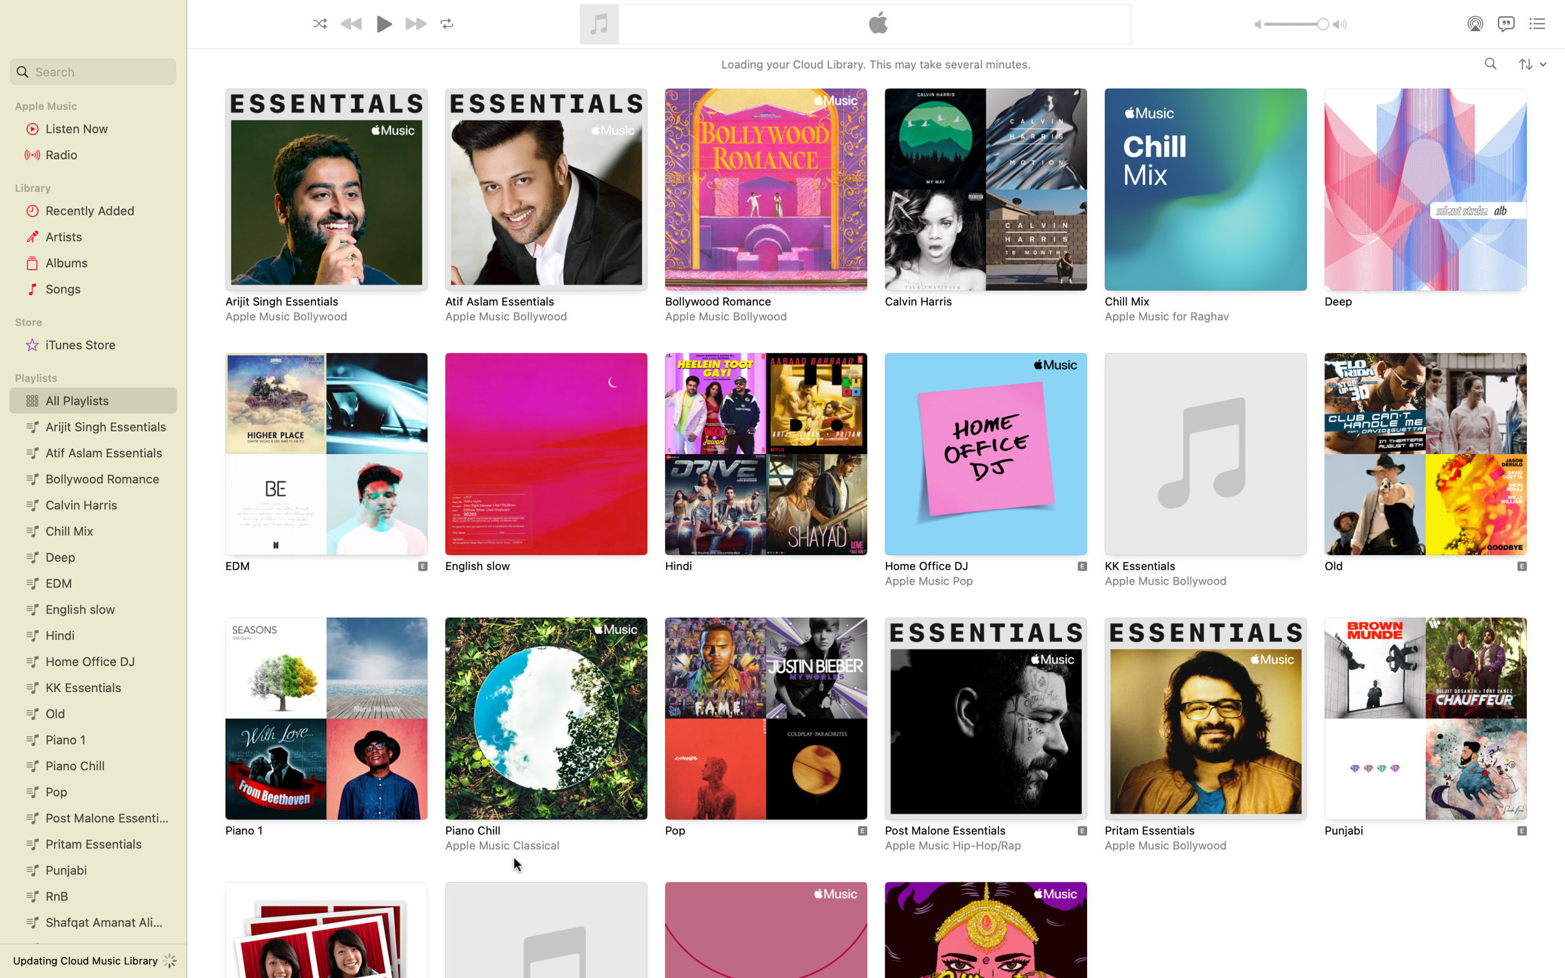 The height and width of the screenshot is (978, 1565). I want to click on Checl the playlist English Slow, so click(545, 466).